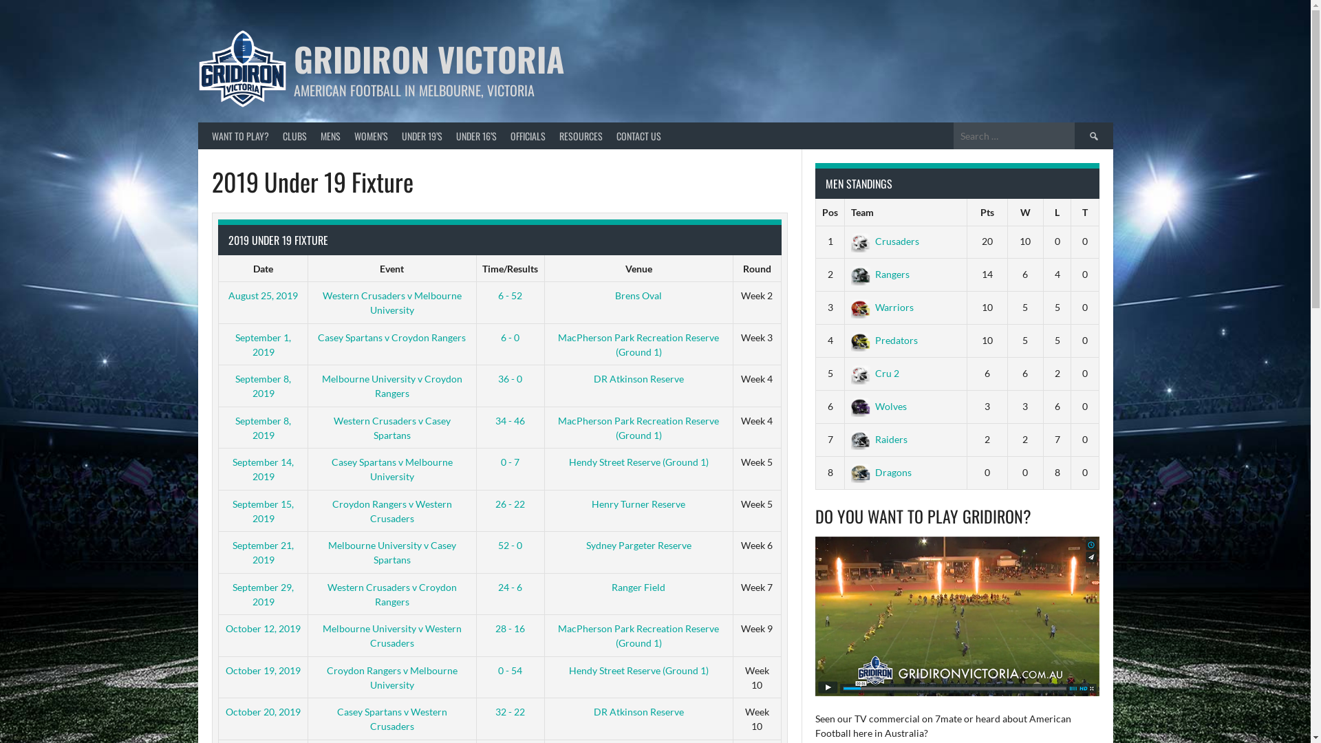  I want to click on 'DR Atkinson Reserve', so click(638, 378).